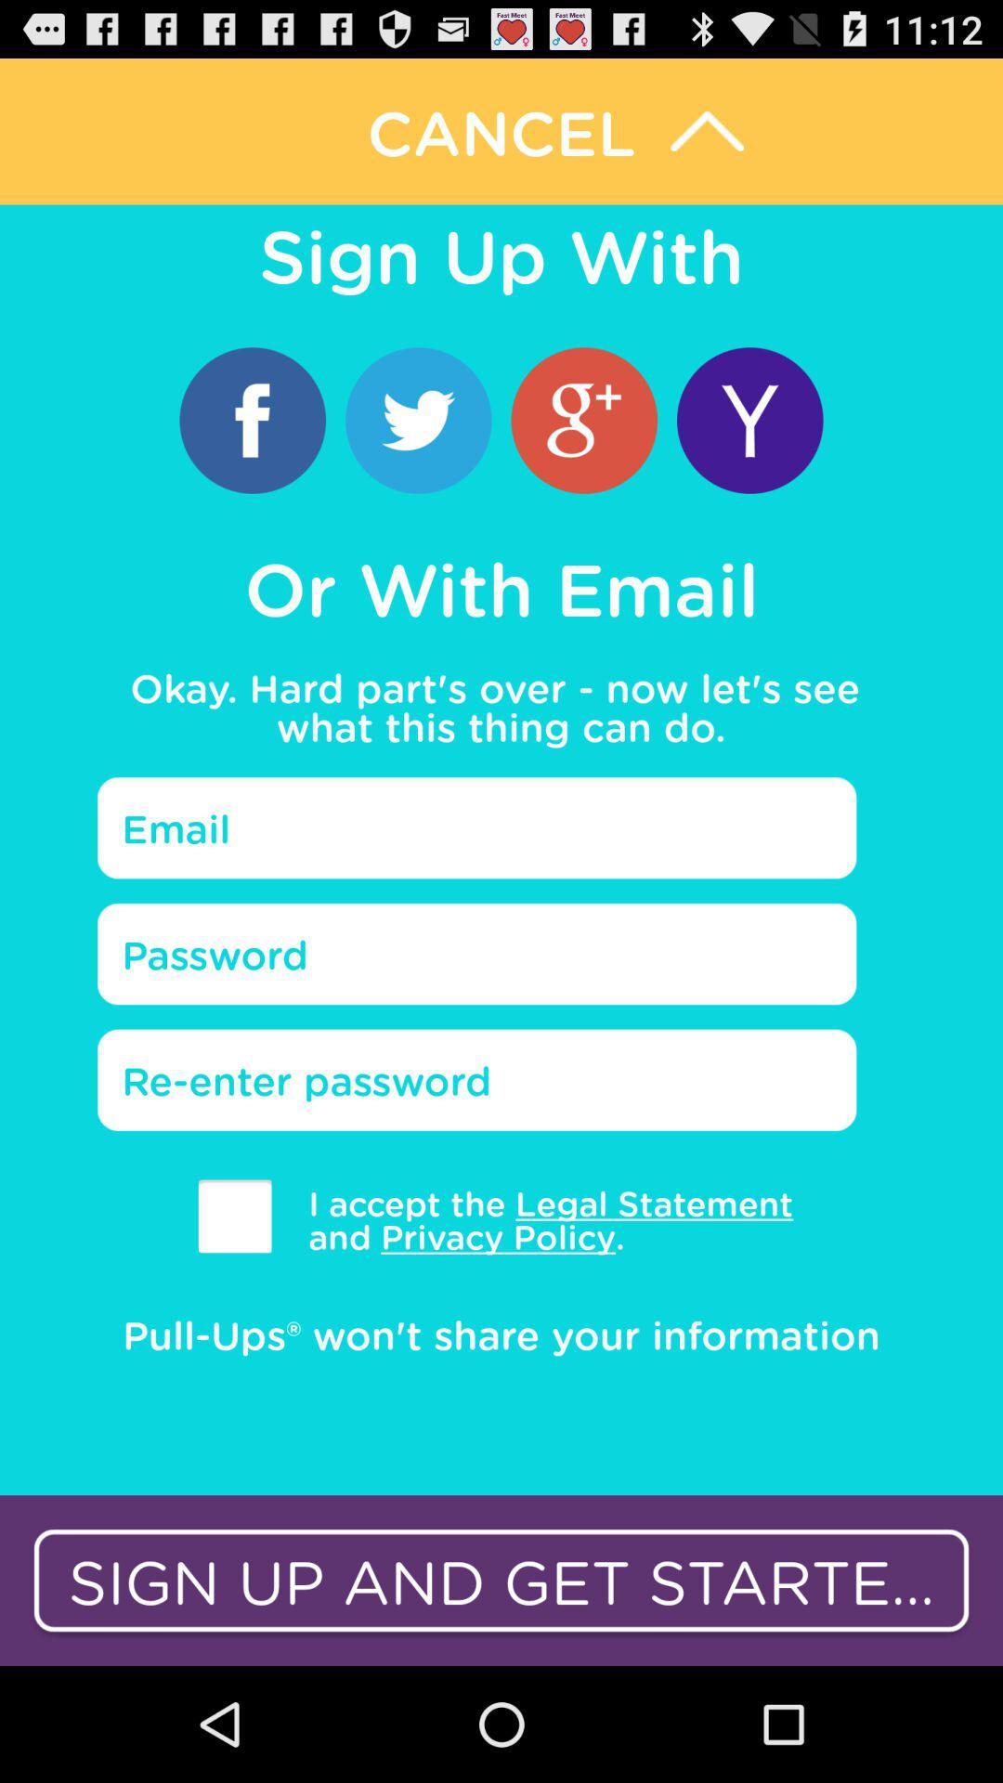  I want to click on password again, so click(475, 1080).